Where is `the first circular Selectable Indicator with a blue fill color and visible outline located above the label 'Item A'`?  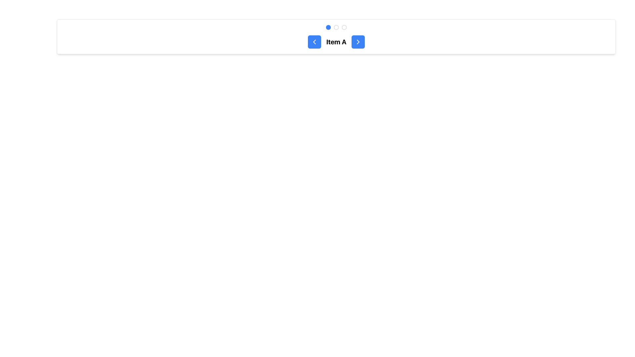 the first circular Selectable Indicator with a blue fill color and visible outline located above the label 'Item A' is located at coordinates (328, 27).